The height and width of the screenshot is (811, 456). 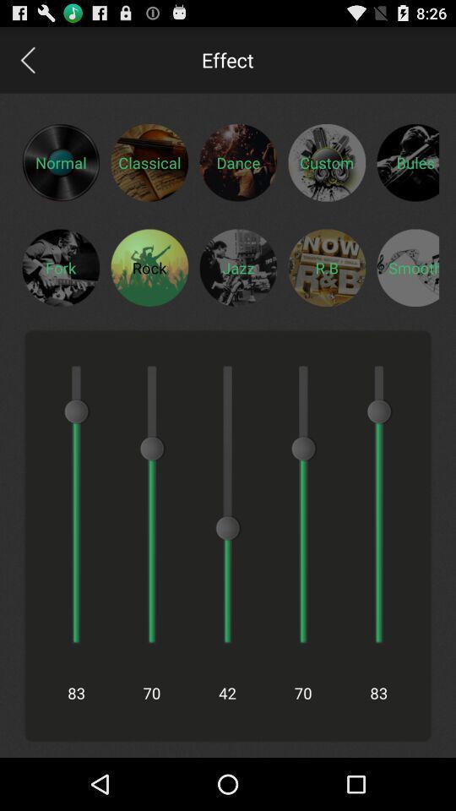 What do you see at coordinates (407, 267) in the screenshot?
I see `smooth effect on music` at bounding box center [407, 267].